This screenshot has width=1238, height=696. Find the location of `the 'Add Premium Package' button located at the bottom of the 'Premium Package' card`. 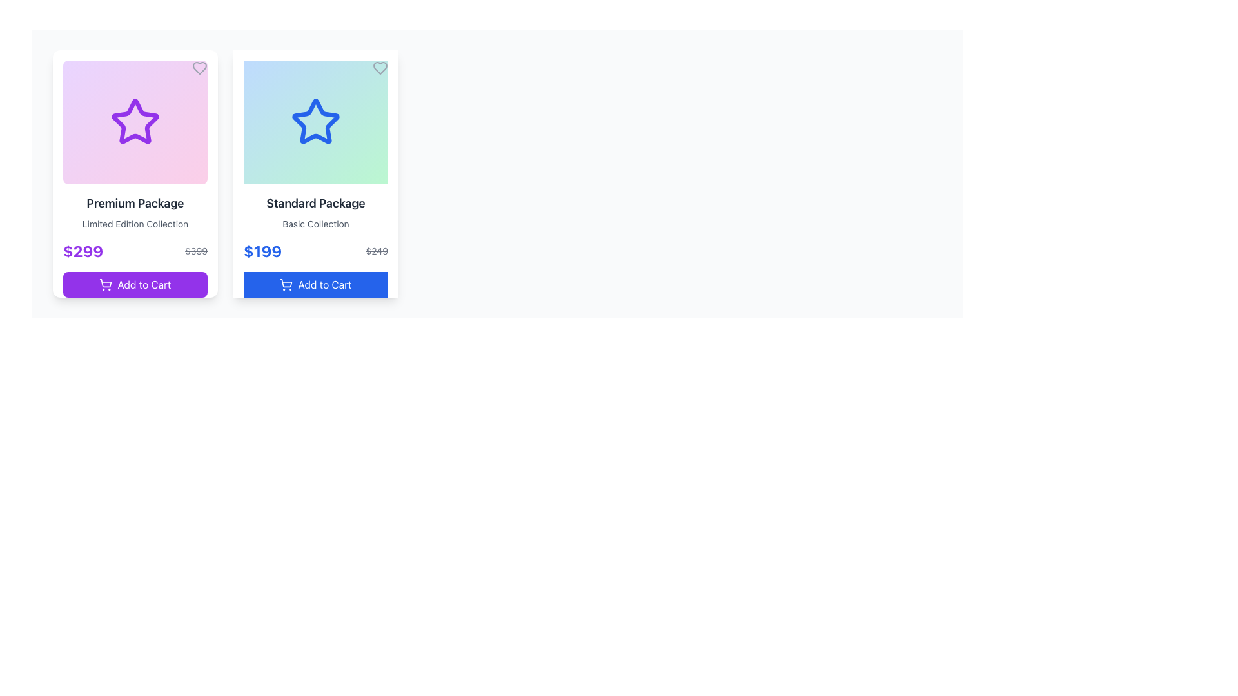

the 'Add Premium Package' button located at the bottom of the 'Premium Package' card is located at coordinates (135, 284).